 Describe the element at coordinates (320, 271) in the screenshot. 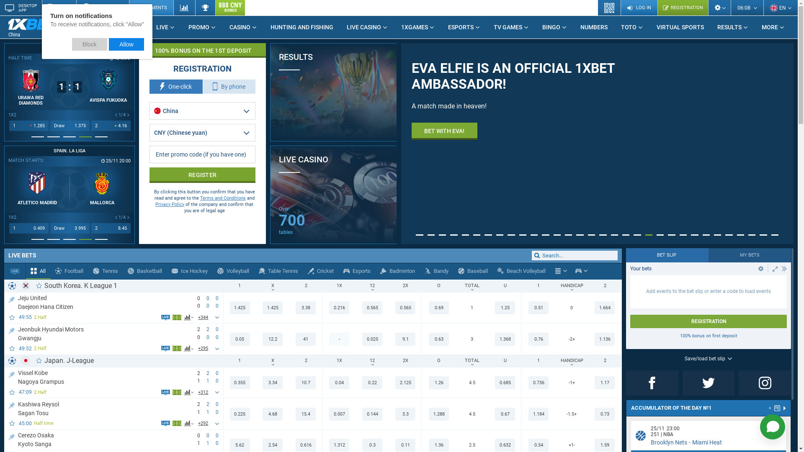

I see `'Cricket'` at that location.